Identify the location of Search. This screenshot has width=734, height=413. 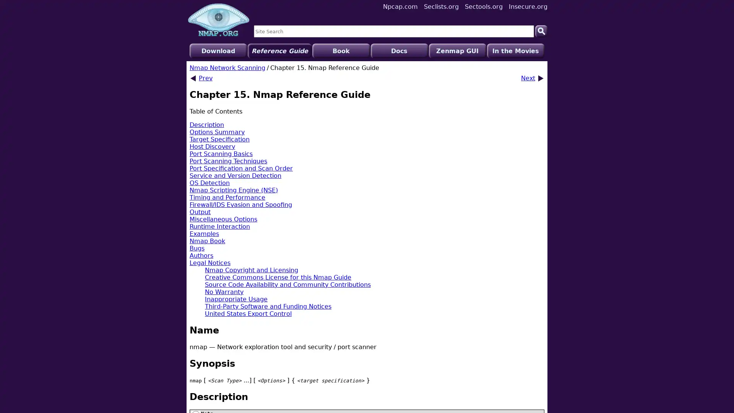
(541, 31).